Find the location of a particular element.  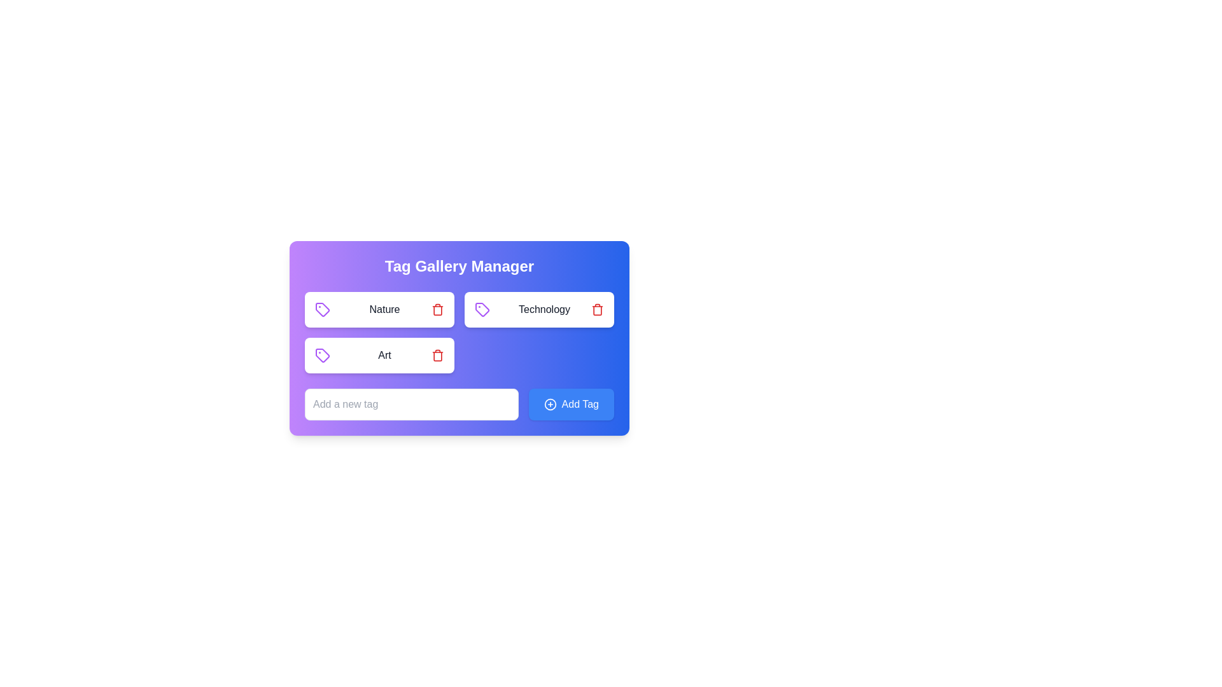

the text label 'Art' which is the second card in the vertical stack within the 'Tag Gallery Manager' section is located at coordinates (384, 356).